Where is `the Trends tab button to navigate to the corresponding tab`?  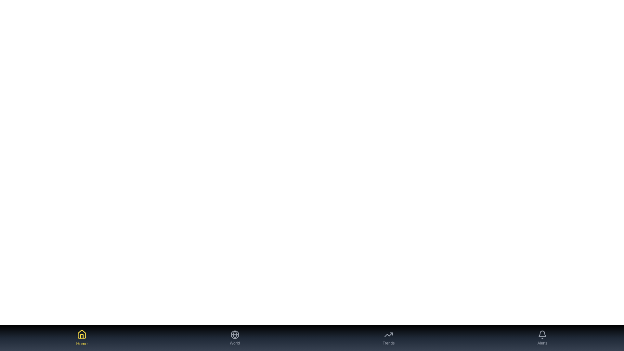
the Trends tab button to navigate to the corresponding tab is located at coordinates (388, 338).